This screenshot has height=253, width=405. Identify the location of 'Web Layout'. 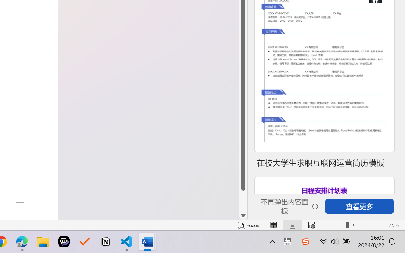
(311, 225).